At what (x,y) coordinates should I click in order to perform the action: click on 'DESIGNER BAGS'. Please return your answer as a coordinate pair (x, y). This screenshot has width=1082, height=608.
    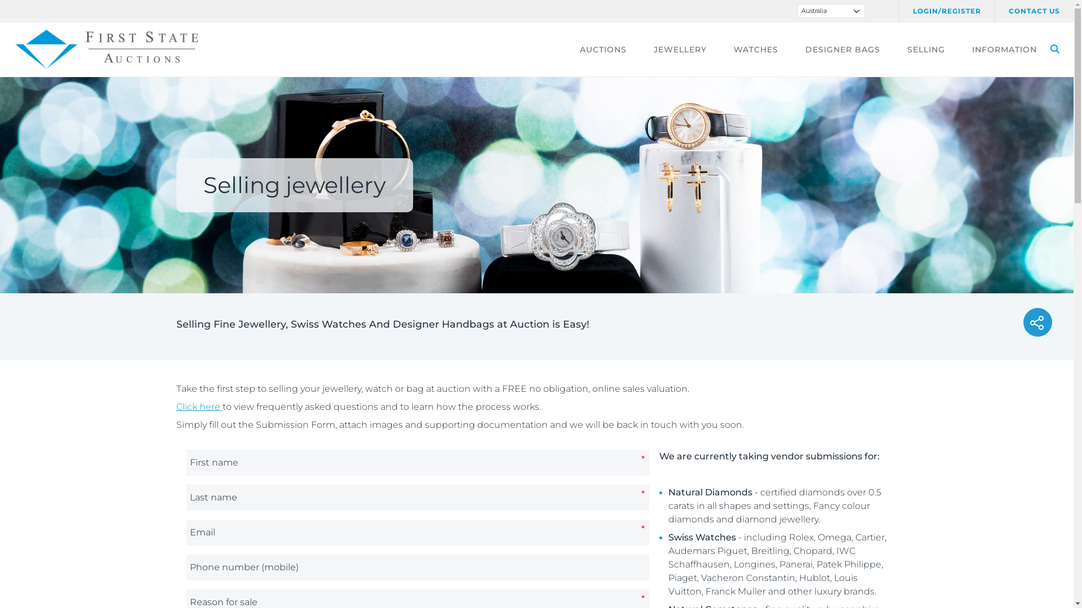
    Looking at the image, I should click on (842, 49).